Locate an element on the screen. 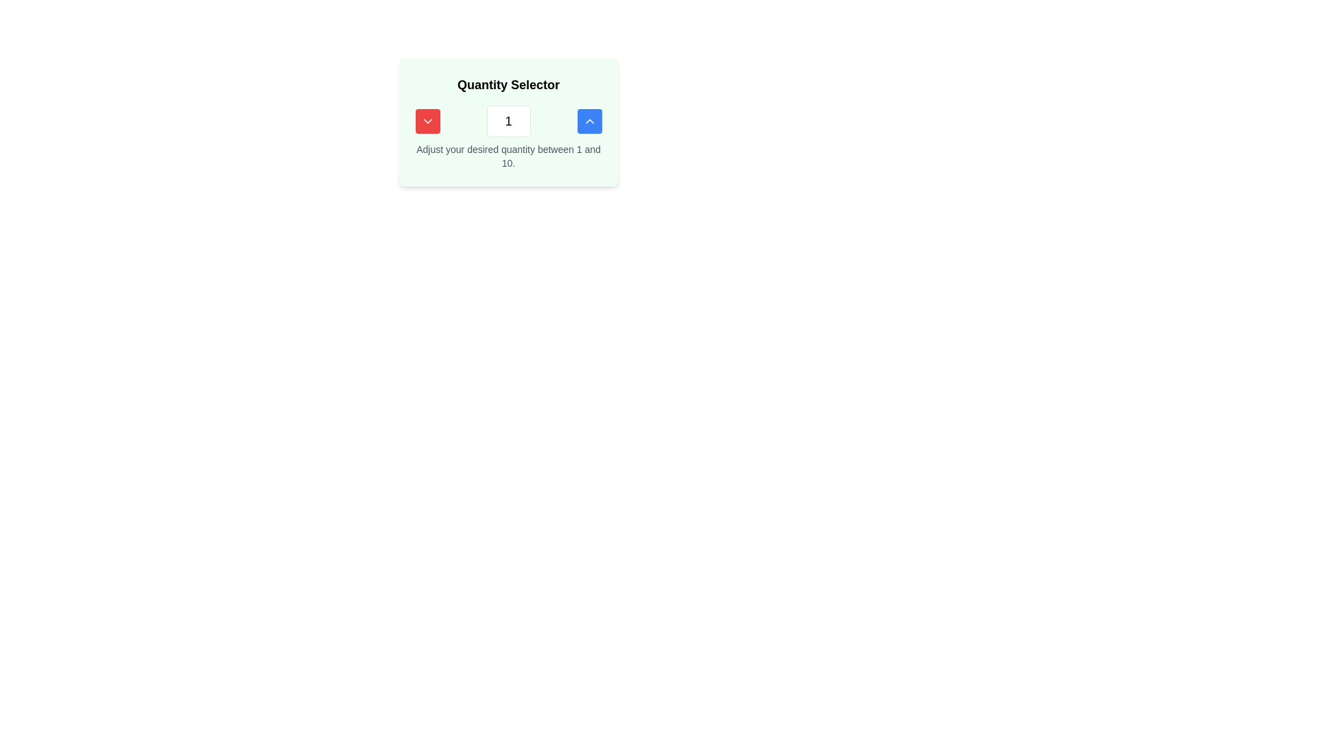 The height and width of the screenshot is (741, 1317). the red square button with white text and a downward pointing chevron icon to decrease the value is located at coordinates (427, 121).